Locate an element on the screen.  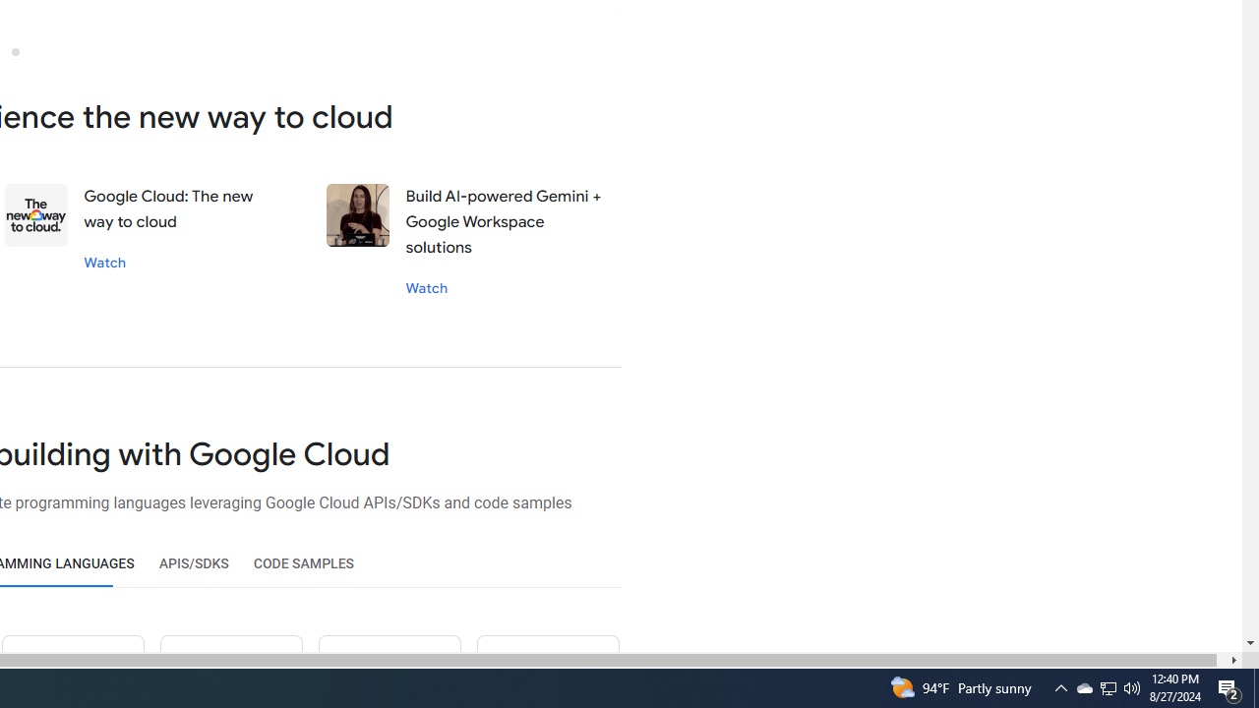
'APIS/SDKS' is located at coordinates (194, 563).